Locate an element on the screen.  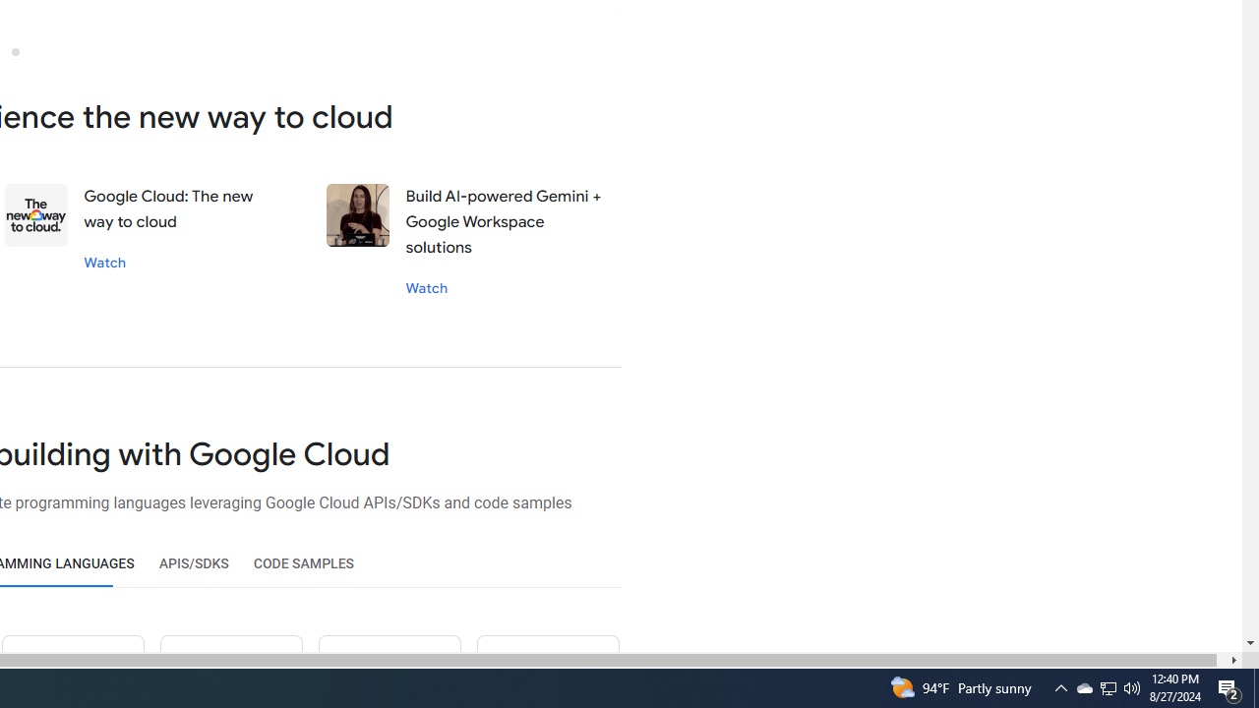
'APIS/SDKS' is located at coordinates (194, 563).